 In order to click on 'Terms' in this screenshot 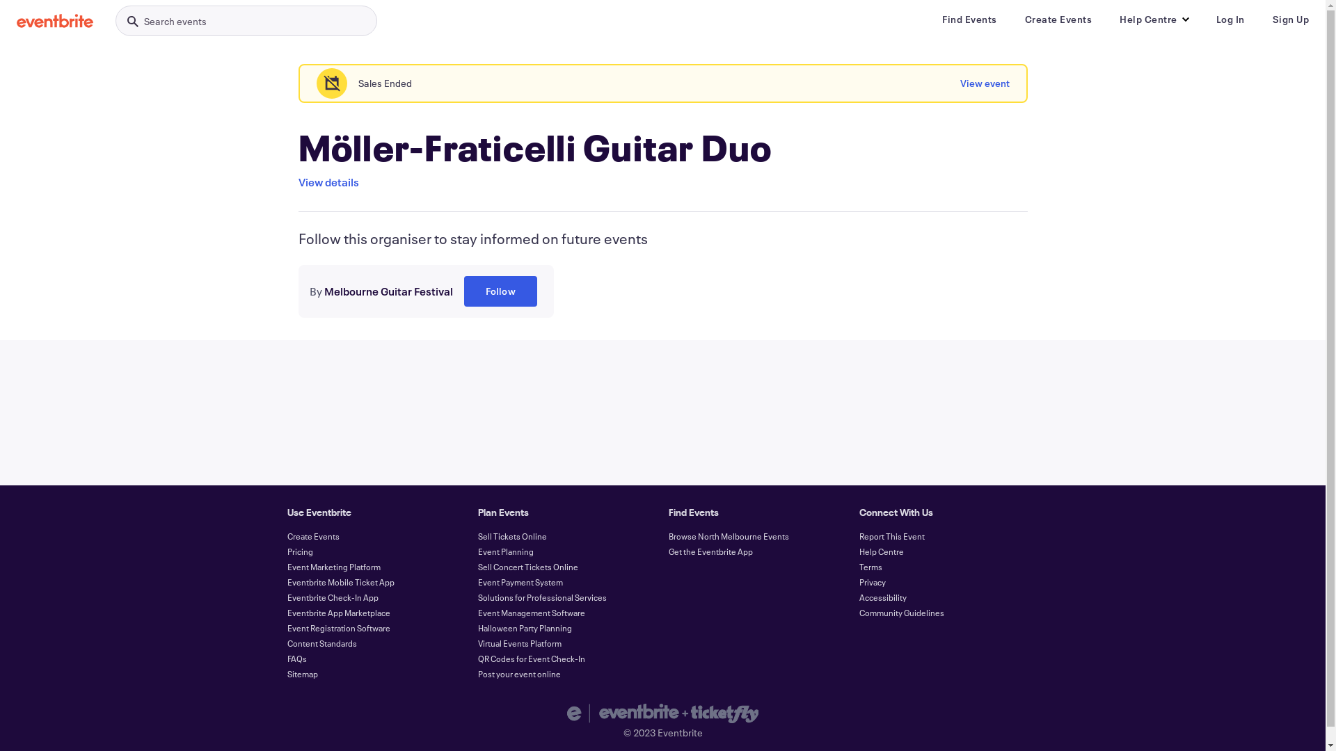, I will do `click(869, 566)`.